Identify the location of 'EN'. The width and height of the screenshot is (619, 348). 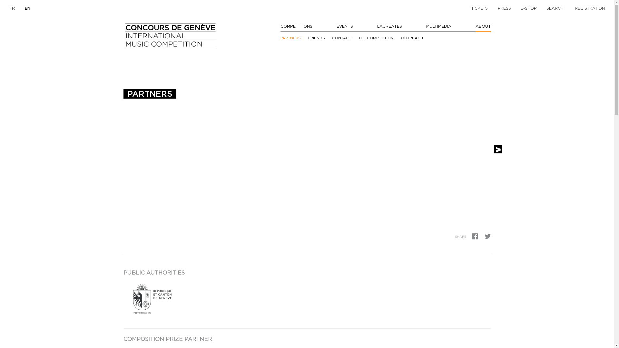
(27, 8).